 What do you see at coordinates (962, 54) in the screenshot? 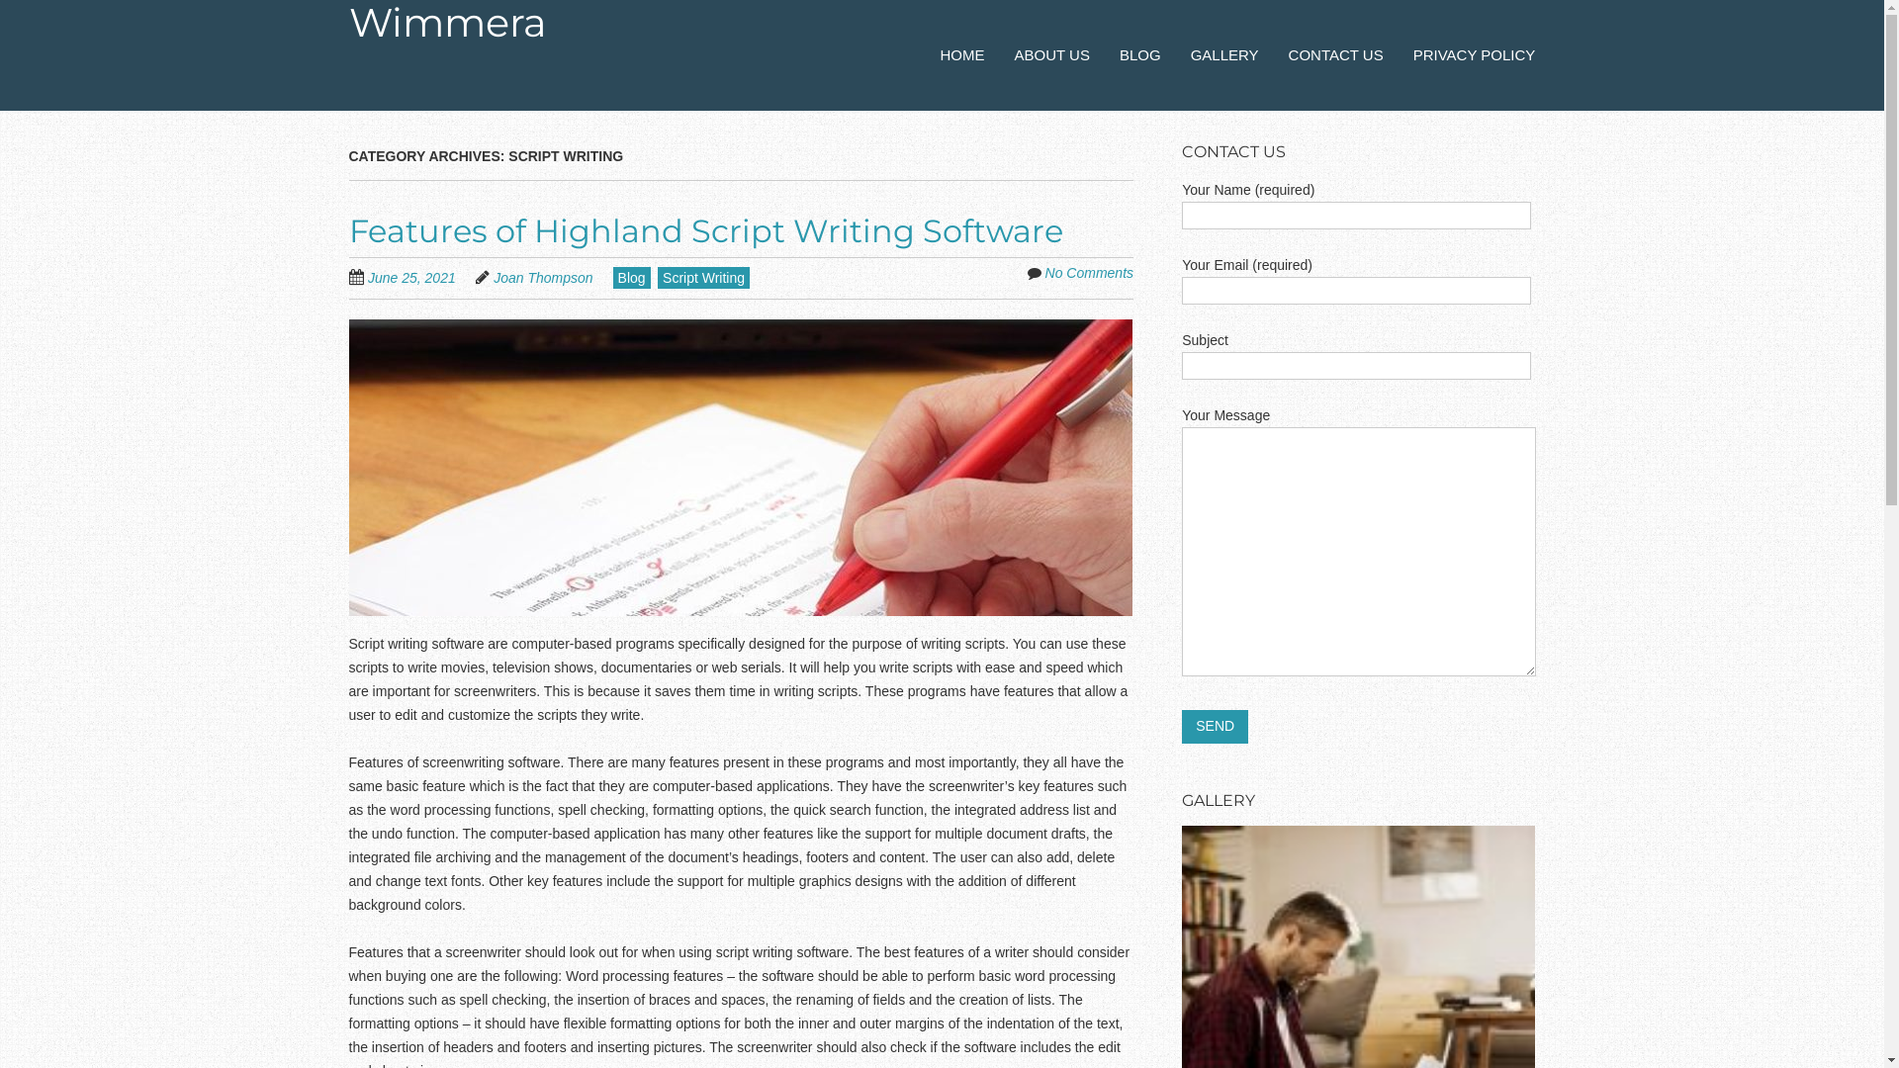
I see `'HOME'` at bounding box center [962, 54].